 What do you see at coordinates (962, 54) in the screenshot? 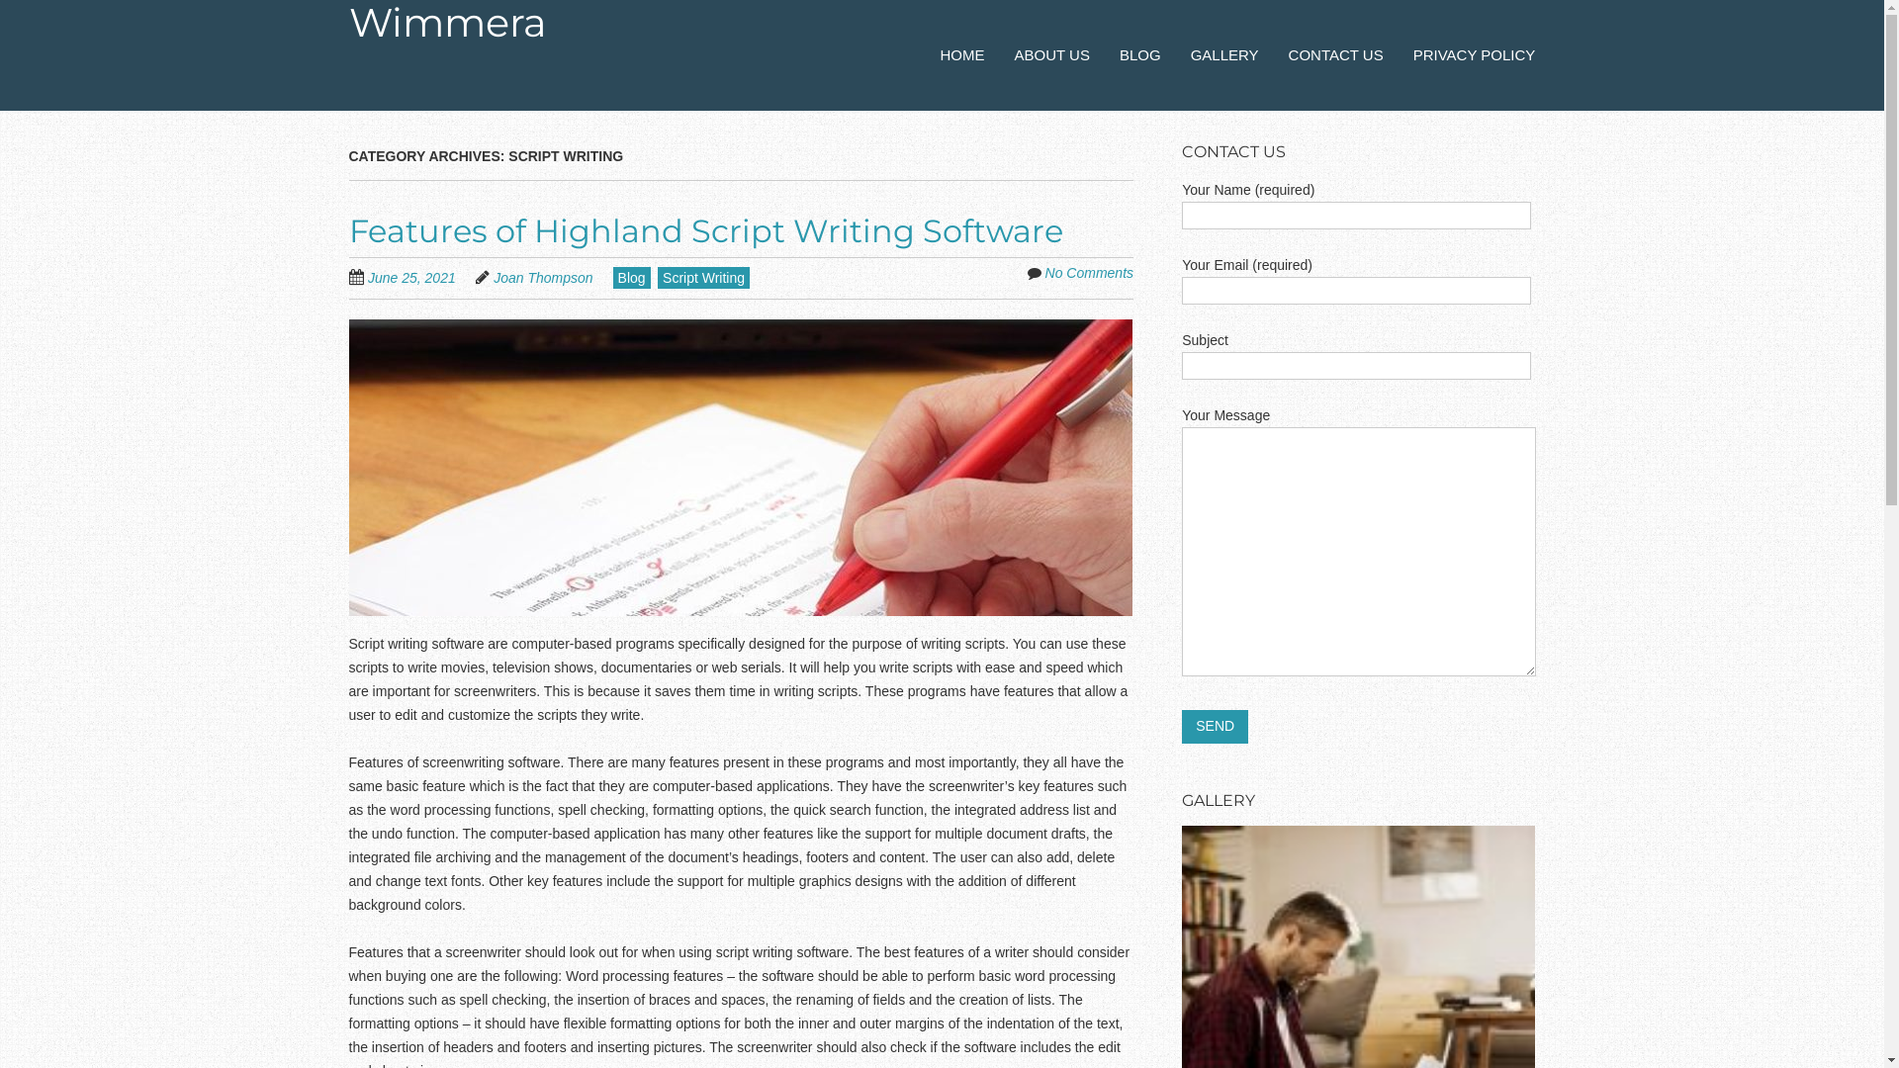
I see `'HOME'` at bounding box center [962, 54].